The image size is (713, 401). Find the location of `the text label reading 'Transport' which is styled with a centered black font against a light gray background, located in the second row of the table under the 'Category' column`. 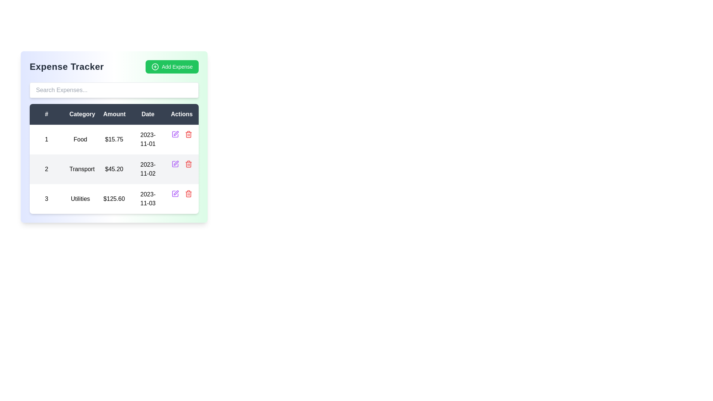

the text label reading 'Transport' which is styled with a centered black font against a light gray background, located in the second row of the table under the 'Category' column is located at coordinates (80, 169).